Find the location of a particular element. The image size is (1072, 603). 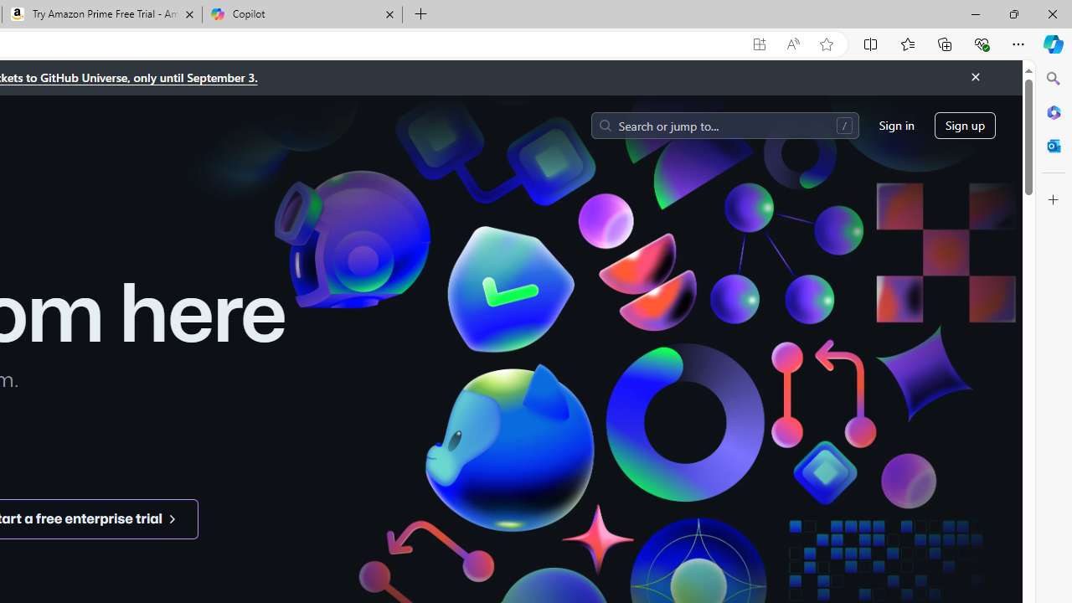

'Minimize' is located at coordinates (975, 13).